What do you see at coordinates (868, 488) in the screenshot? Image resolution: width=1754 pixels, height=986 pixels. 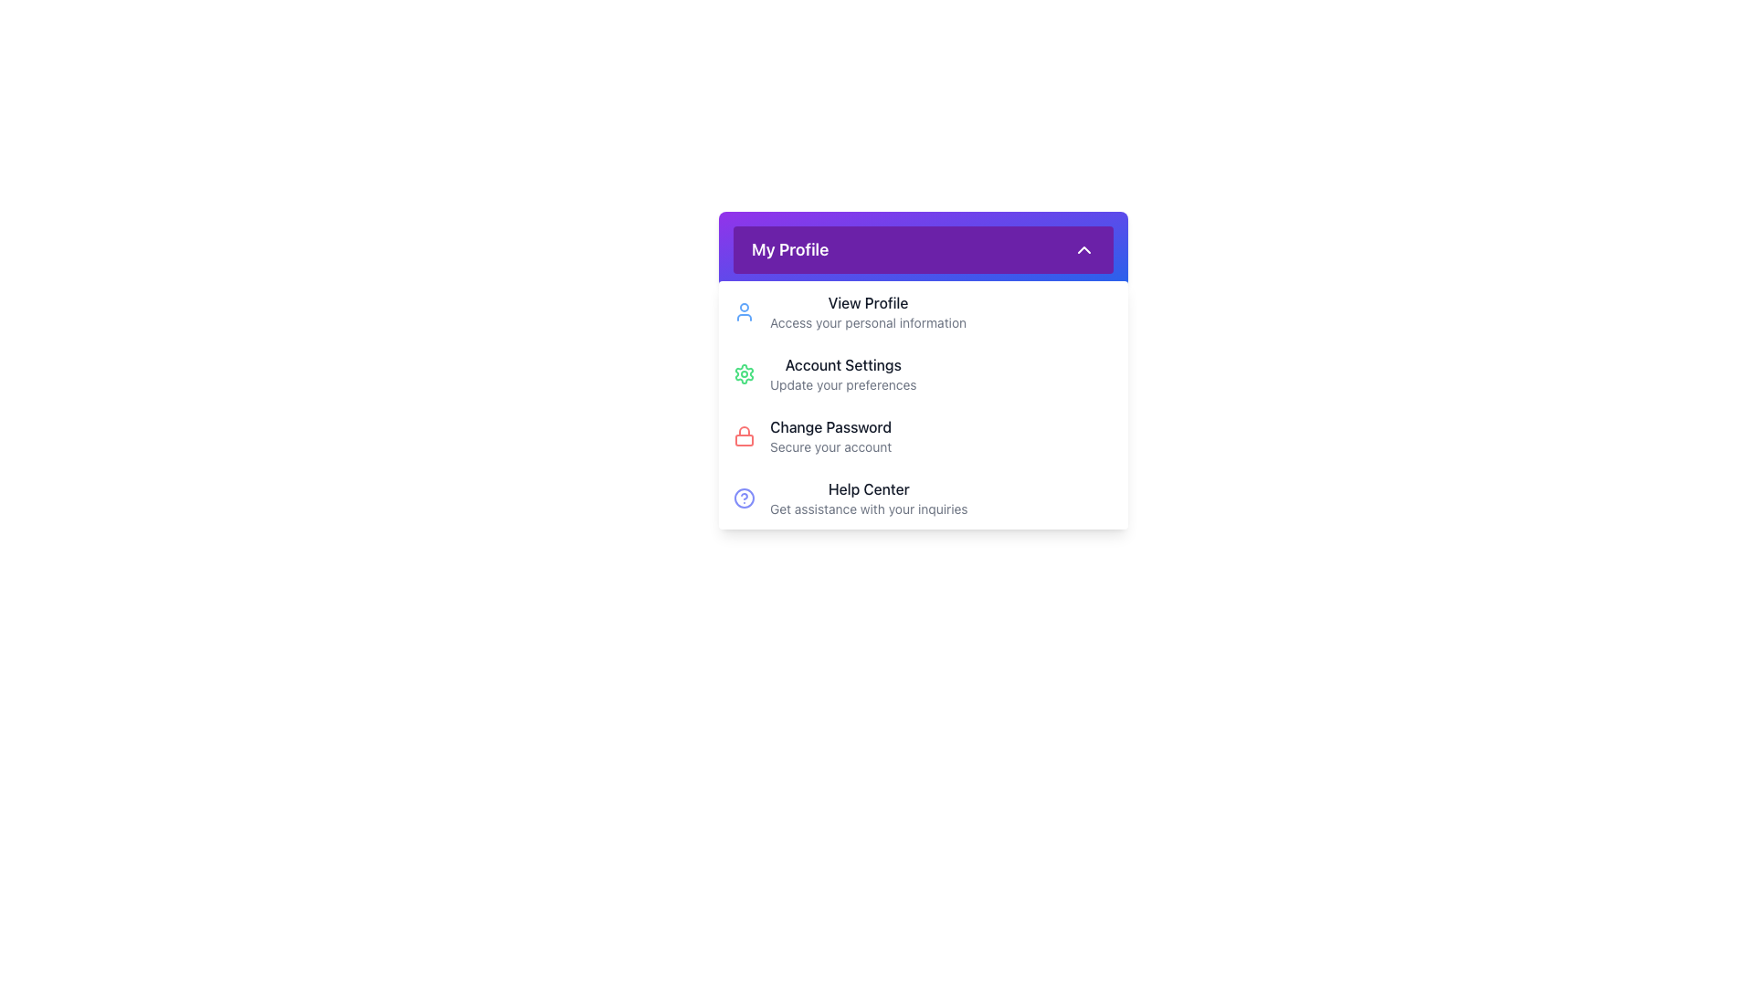 I see `the Text Label element that represents access to the Help Center, positioned above the subtitle 'Get assistance with your inquiries' in the 'My Profile' dropdown` at bounding box center [868, 488].